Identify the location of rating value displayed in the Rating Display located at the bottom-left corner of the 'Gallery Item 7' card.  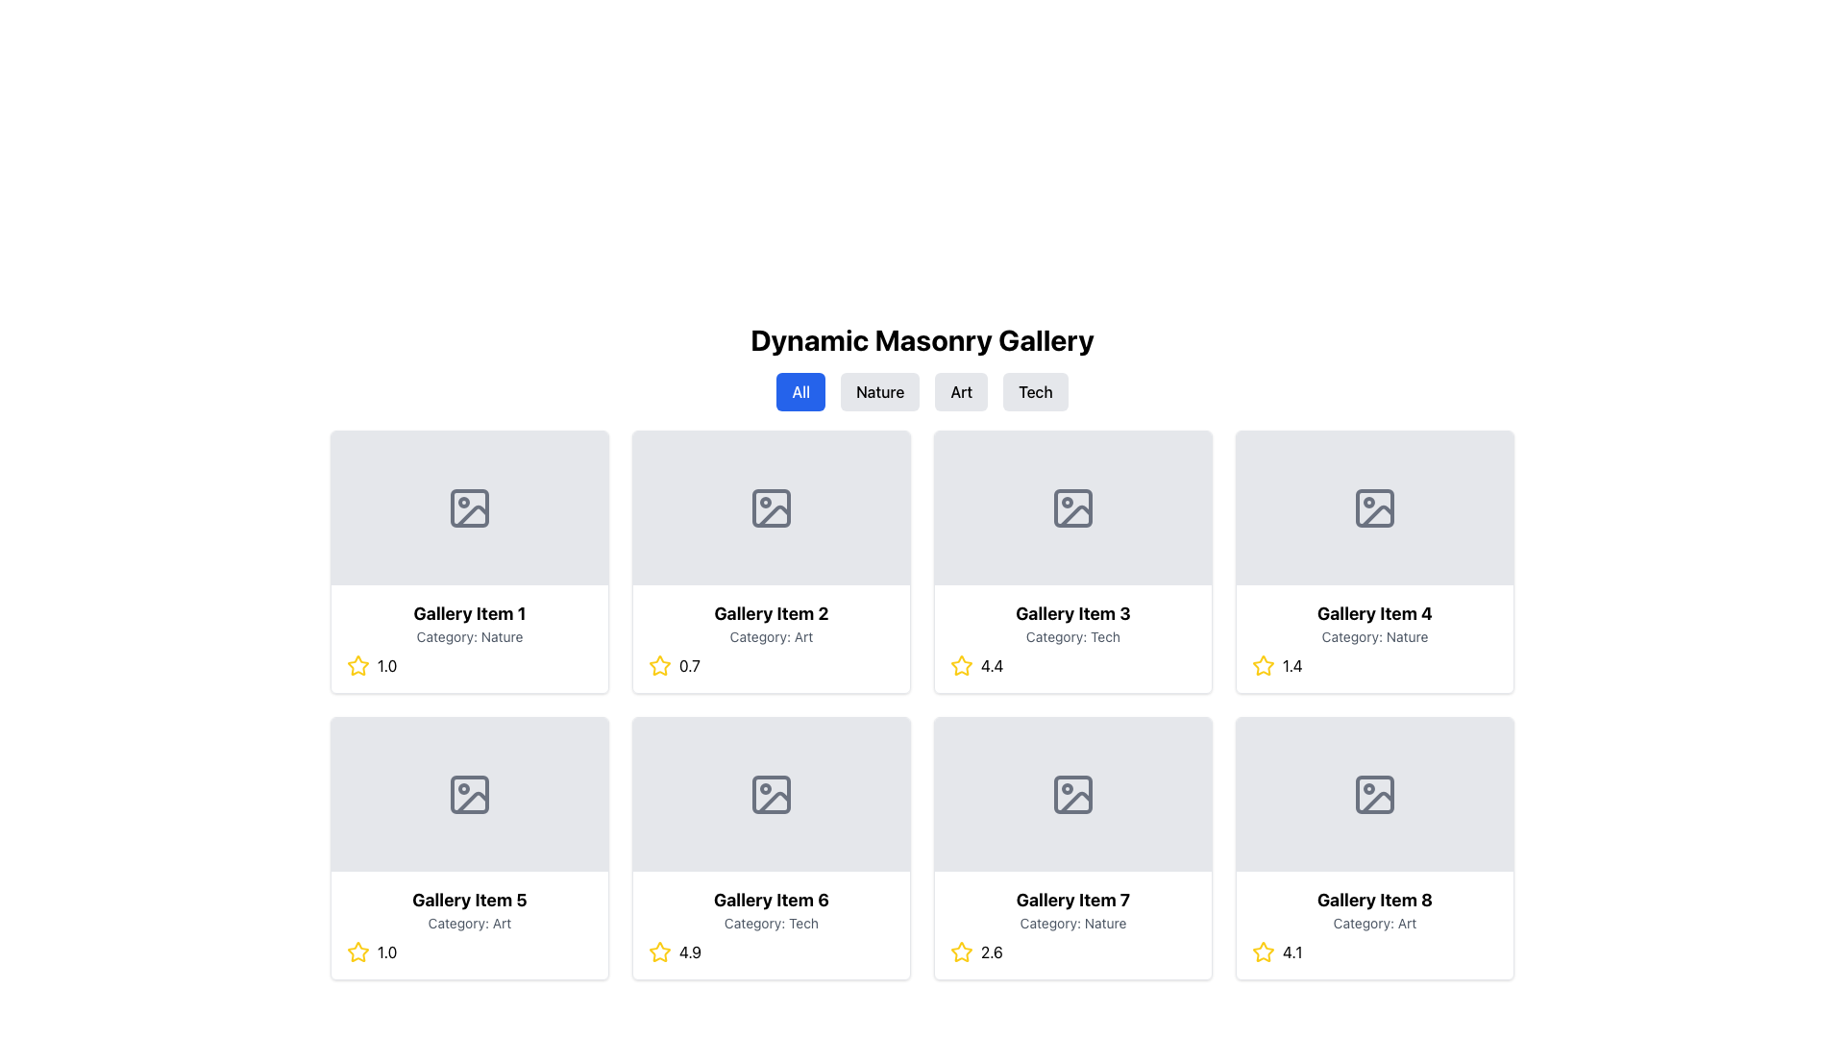
(1072, 952).